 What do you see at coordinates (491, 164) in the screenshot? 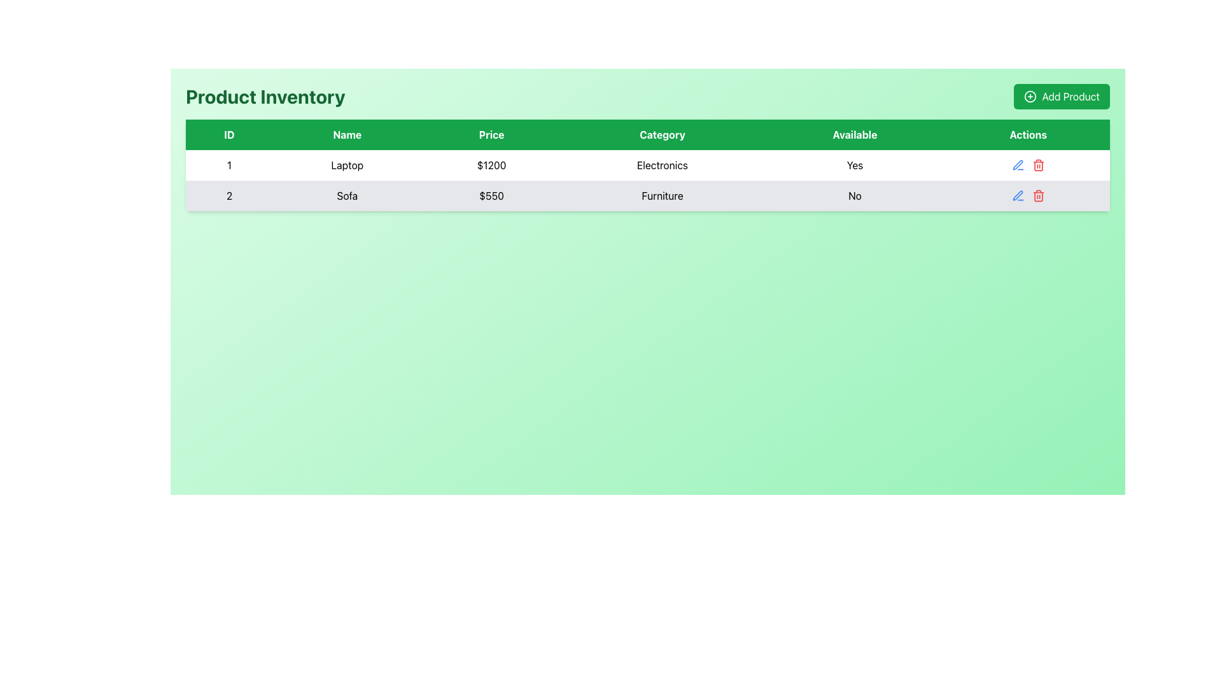
I see `price value from the static text element in the third column of the inventory table corresponding to 'Laptop'` at bounding box center [491, 164].